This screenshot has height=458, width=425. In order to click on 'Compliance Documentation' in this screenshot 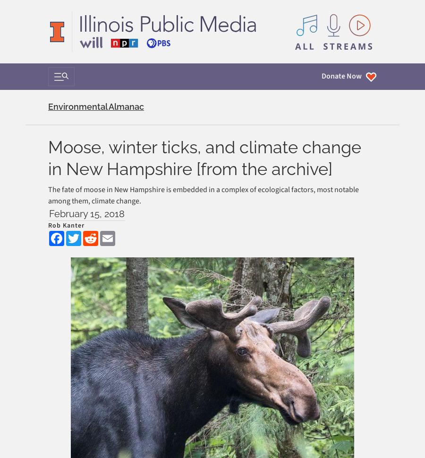, I will do `click(93, 243)`.